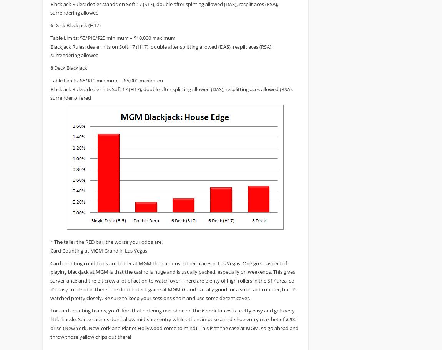  Describe the element at coordinates (106, 241) in the screenshot. I see `'* The taller the RED bar, the worse your odds are.'` at that location.